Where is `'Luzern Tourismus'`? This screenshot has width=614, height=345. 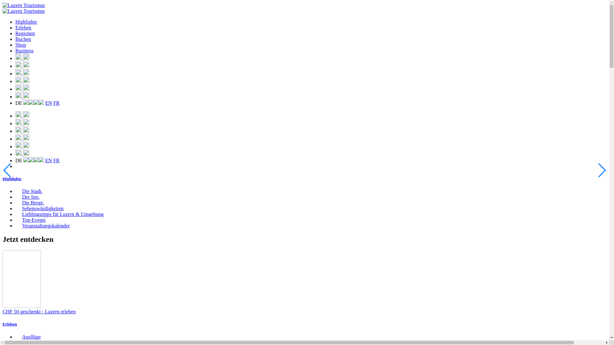 'Luzern Tourismus' is located at coordinates (23, 5).